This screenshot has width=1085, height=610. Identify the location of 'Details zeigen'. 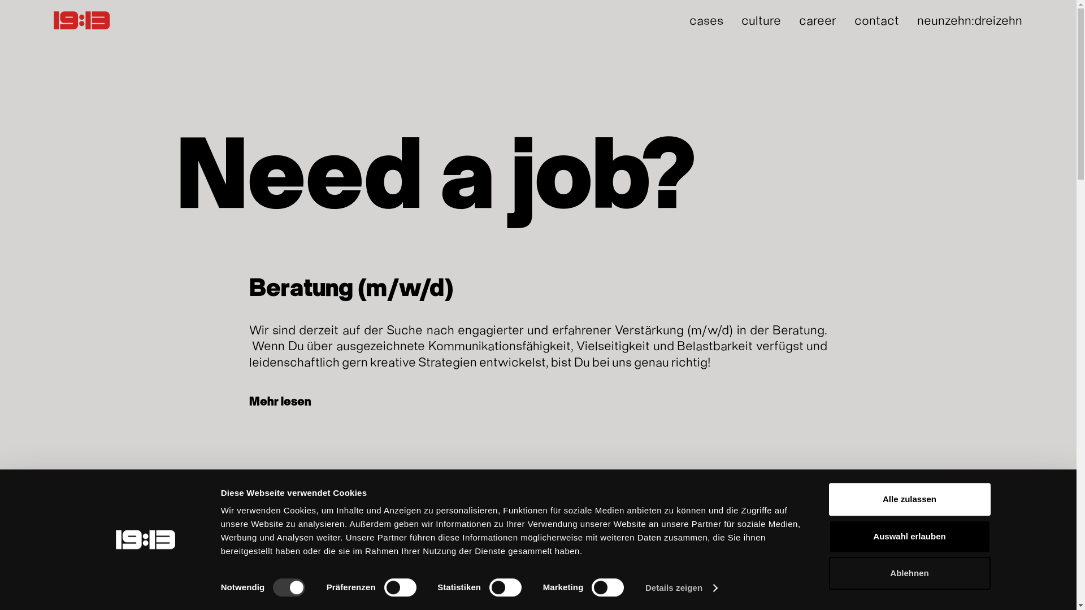
(680, 587).